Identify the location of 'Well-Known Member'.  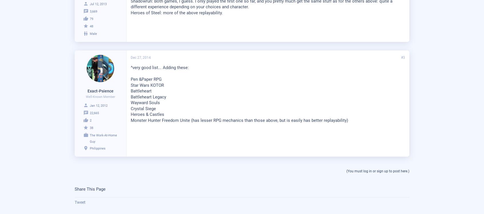
(100, 96).